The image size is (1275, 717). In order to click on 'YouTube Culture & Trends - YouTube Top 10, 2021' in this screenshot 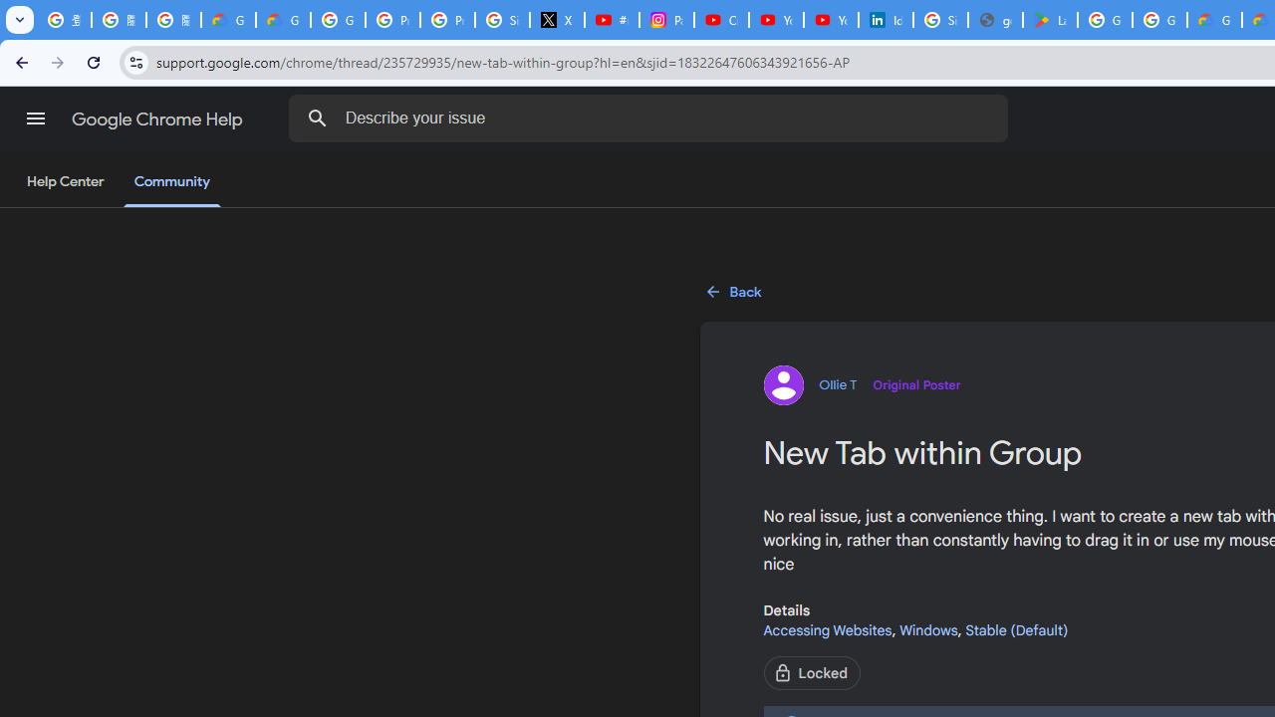, I will do `click(830, 20)`.